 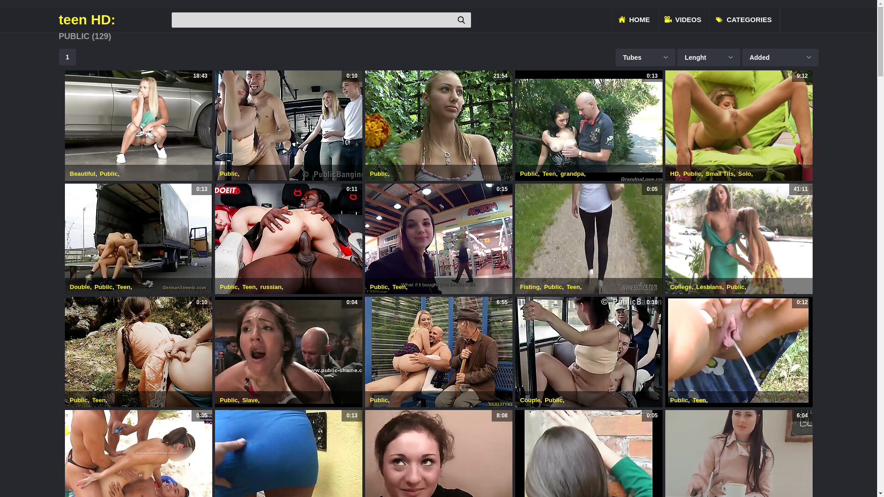 What do you see at coordinates (675, 173) in the screenshot?
I see `'HD'` at bounding box center [675, 173].